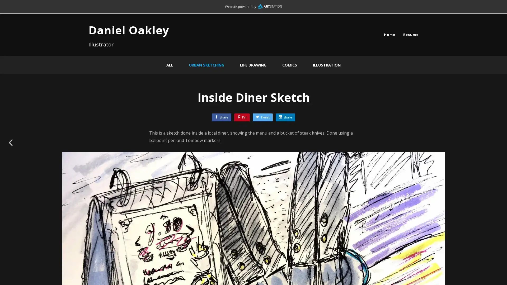  I want to click on Share, so click(285, 117).